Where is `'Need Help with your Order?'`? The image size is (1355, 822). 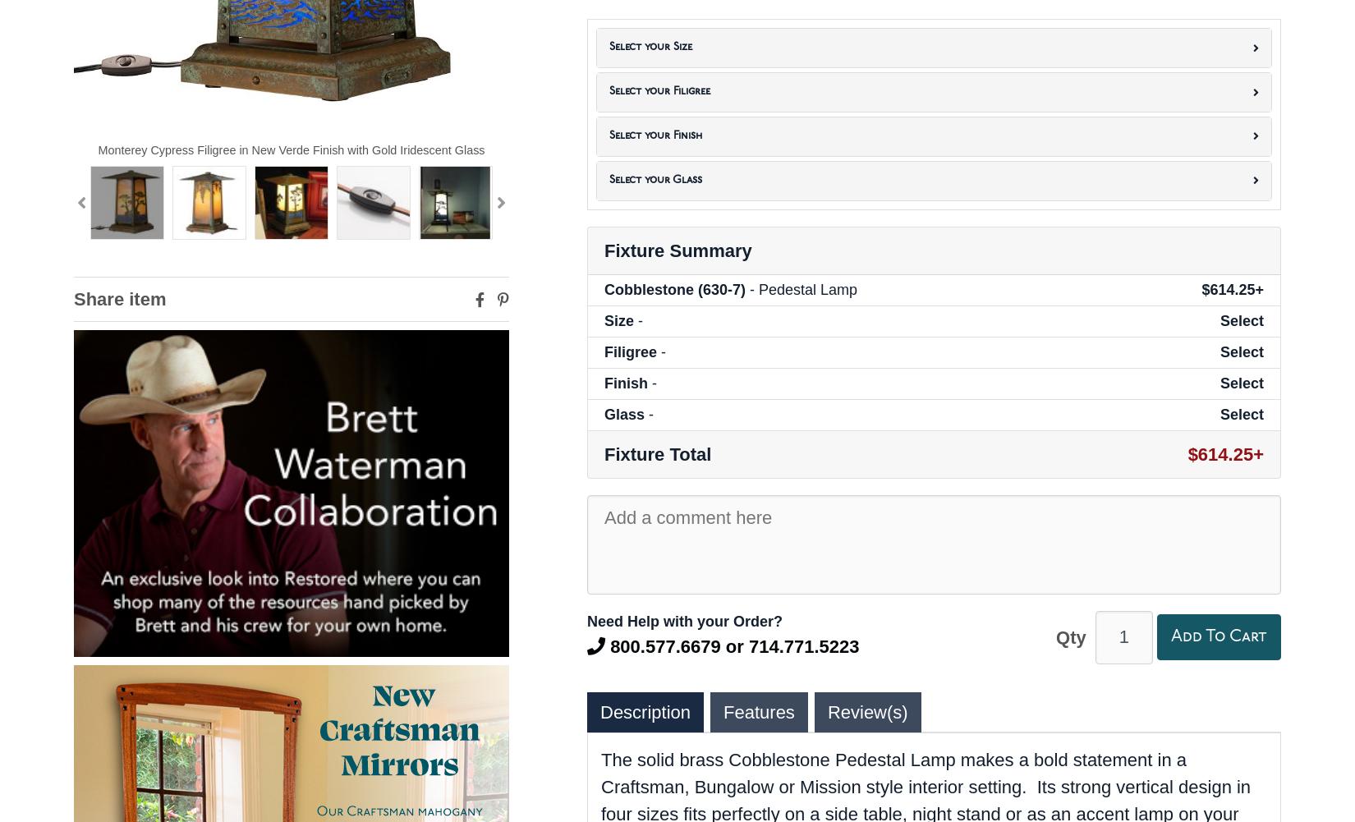 'Need Help with your Order?' is located at coordinates (685, 620).